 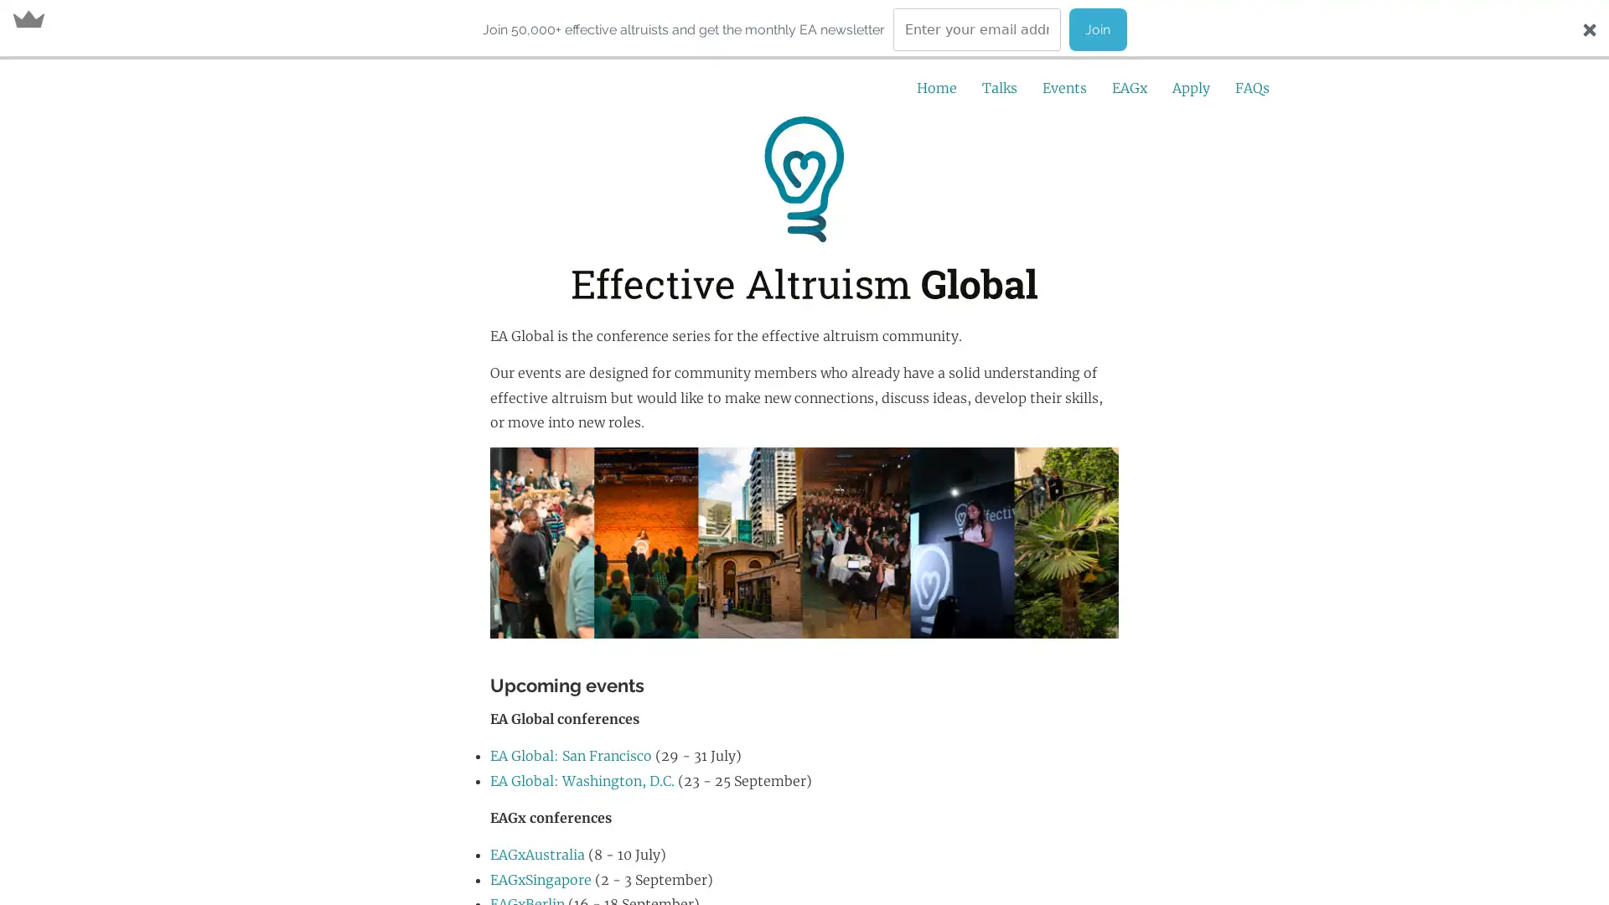 What do you see at coordinates (1097, 29) in the screenshot?
I see `Join` at bounding box center [1097, 29].